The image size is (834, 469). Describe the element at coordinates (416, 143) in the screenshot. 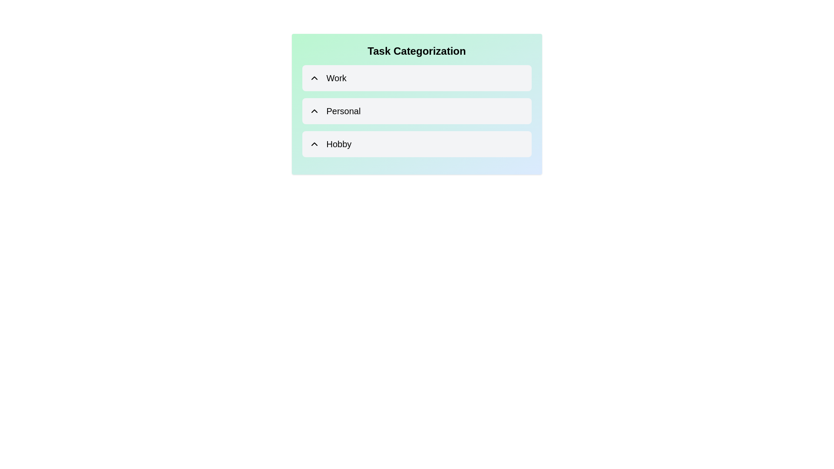

I see `the category Hobby to select it` at that location.